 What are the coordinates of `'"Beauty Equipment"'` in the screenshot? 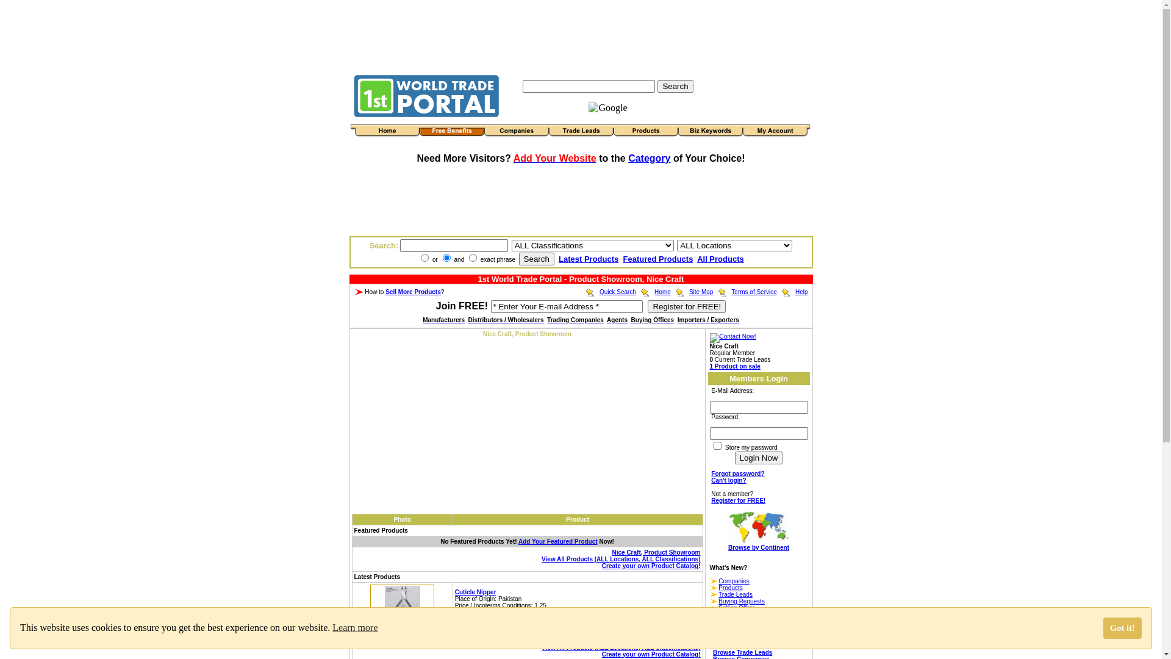 It's located at (564, 619).